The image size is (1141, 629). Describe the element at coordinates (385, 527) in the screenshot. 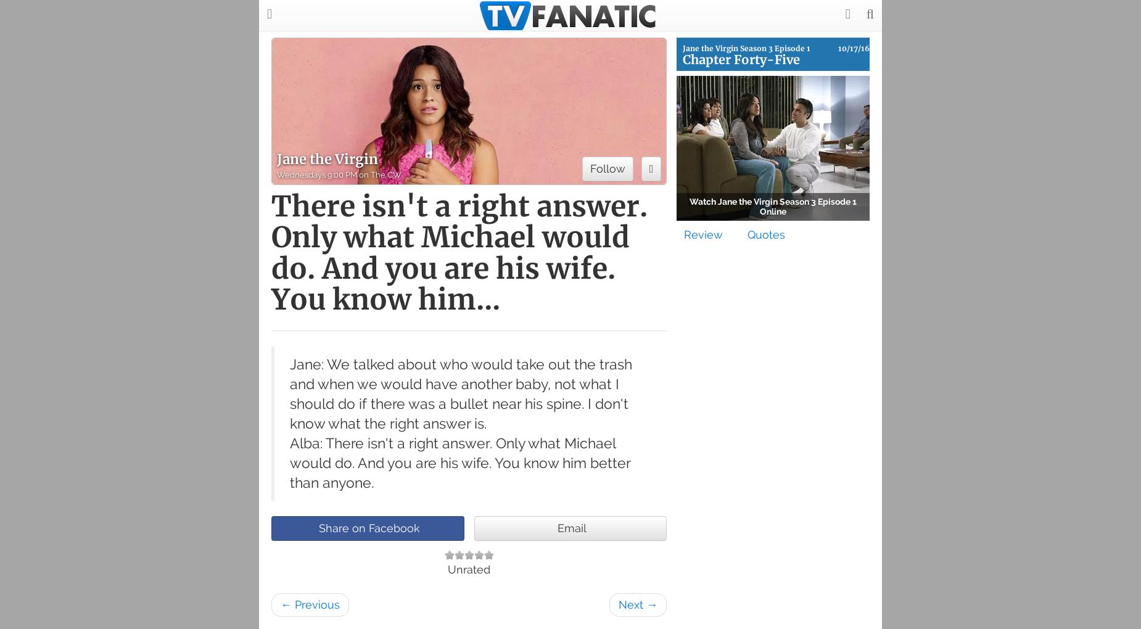

I see `'on Facebook'` at that location.